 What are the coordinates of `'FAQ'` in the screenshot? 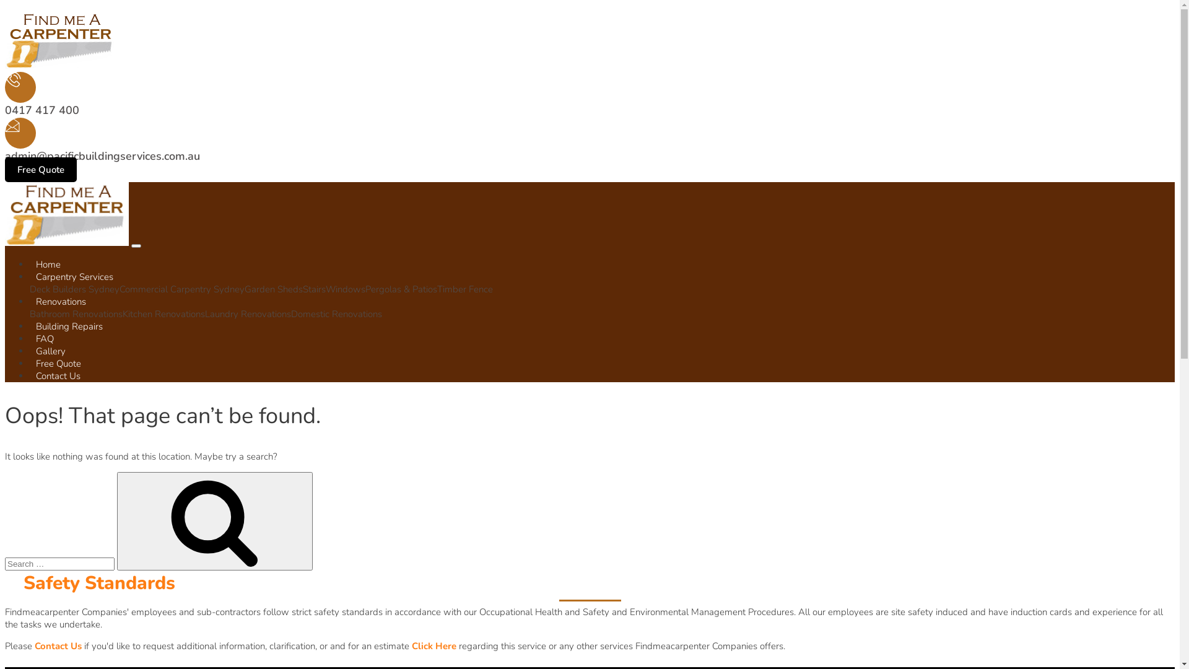 It's located at (30, 339).